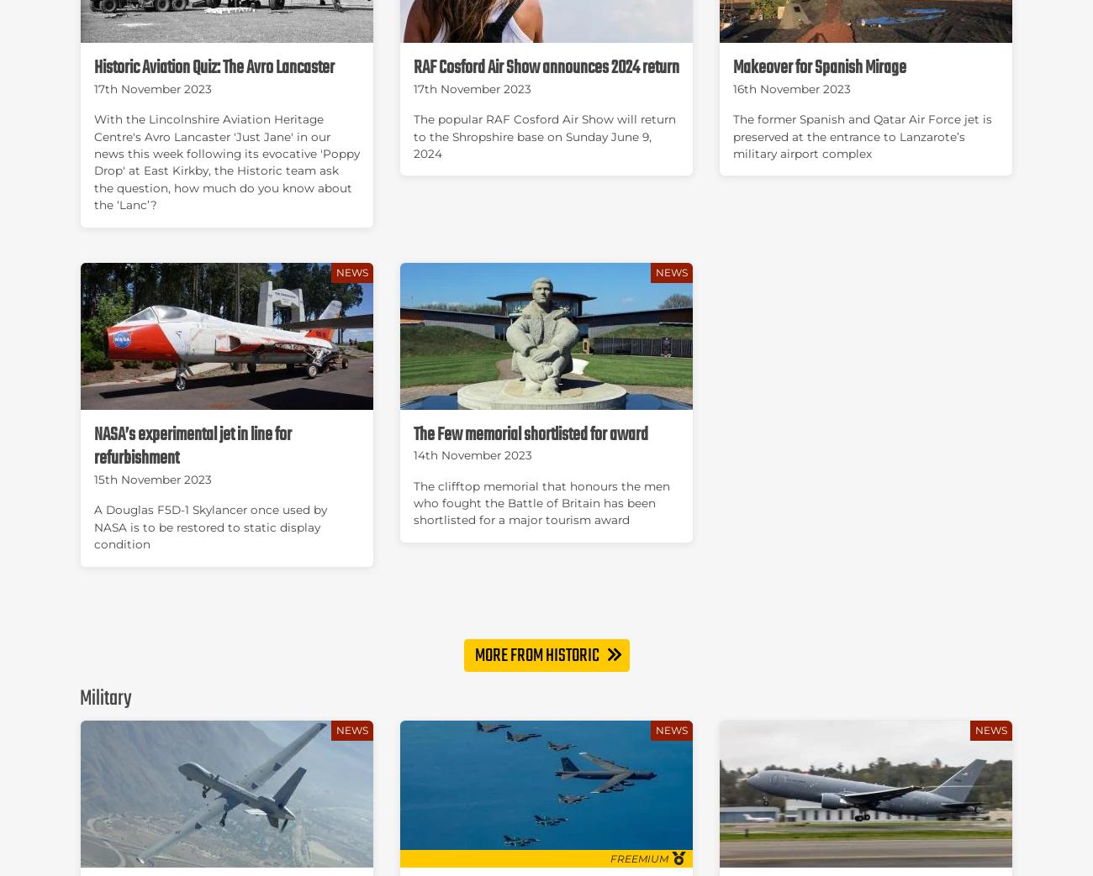  What do you see at coordinates (209, 526) in the screenshot?
I see `'A Douglas F5D-1 Skylancer once used by NASA is to be restored to static display condition'` at bounding box center [209, 526].